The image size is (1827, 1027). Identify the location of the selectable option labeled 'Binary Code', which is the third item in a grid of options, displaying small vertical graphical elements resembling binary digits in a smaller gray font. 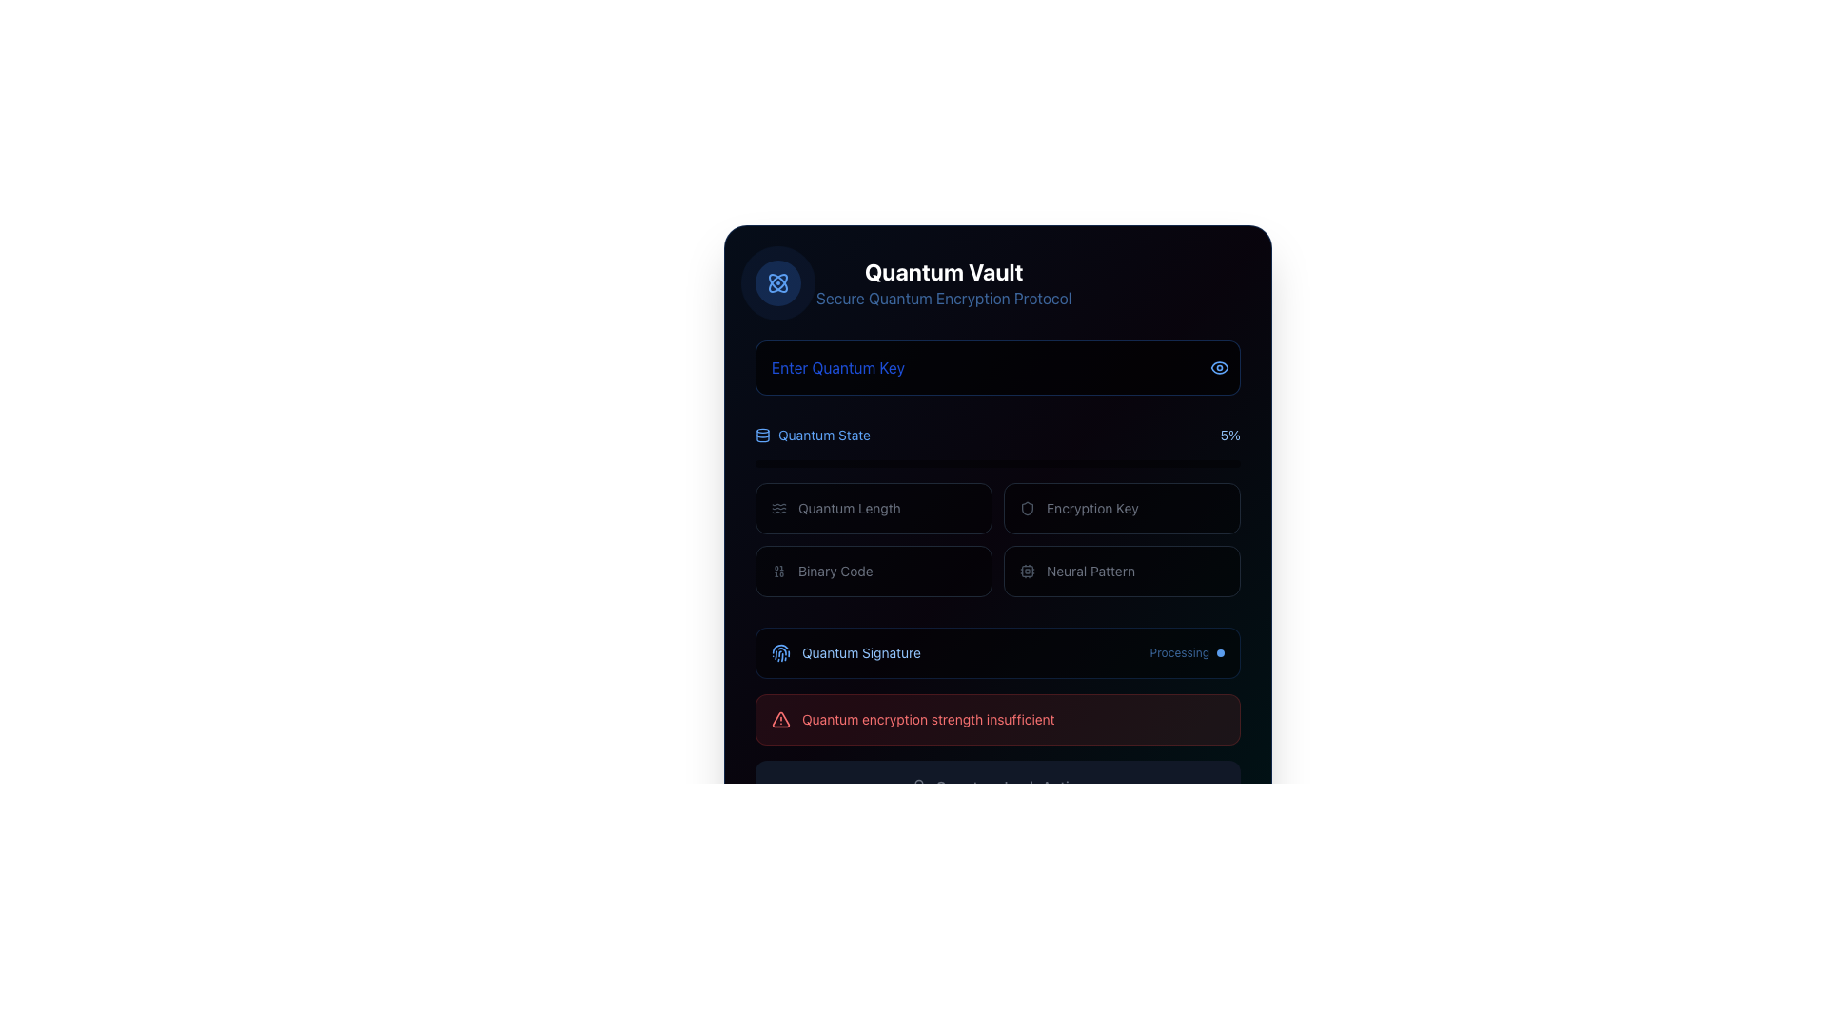
(873, 571).